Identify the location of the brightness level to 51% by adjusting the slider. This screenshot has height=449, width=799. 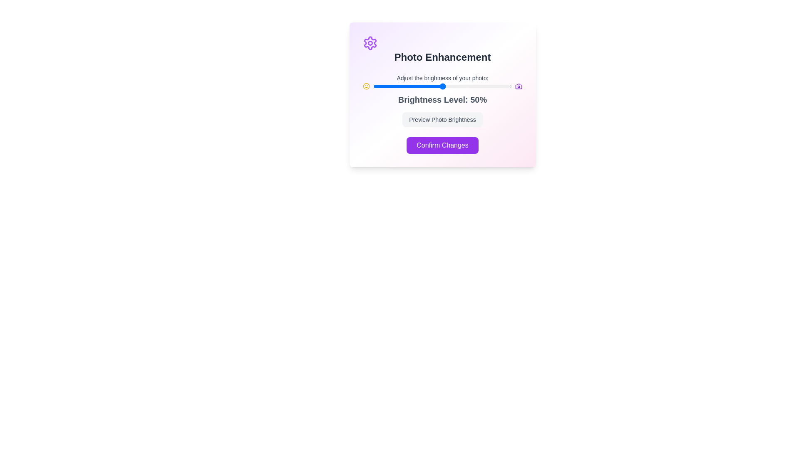
(443, 86).